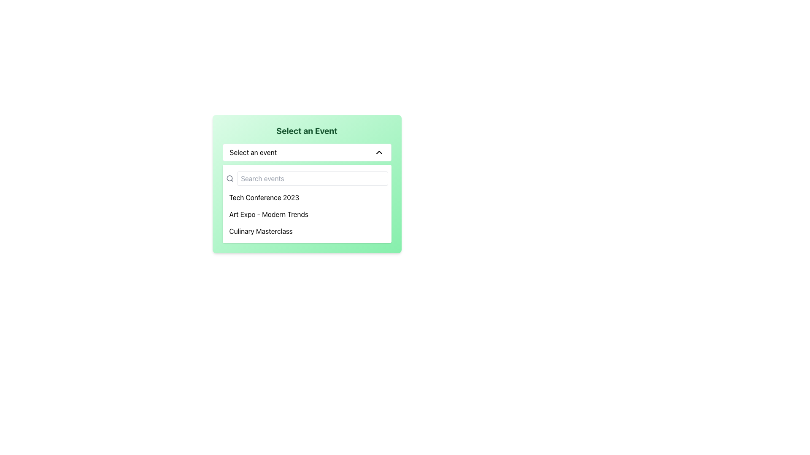  Describe the element at coordinates (306, 131) in the screenshot. I see `the heading element which serves as the title for the section, indicating the purpose of the elements contained below it` at that location.